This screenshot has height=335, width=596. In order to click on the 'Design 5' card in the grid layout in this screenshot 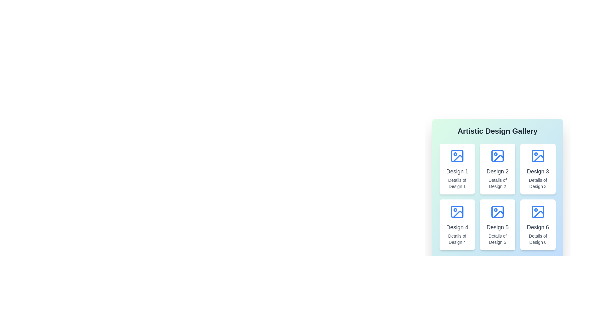, I will do `click(498, 198)`.